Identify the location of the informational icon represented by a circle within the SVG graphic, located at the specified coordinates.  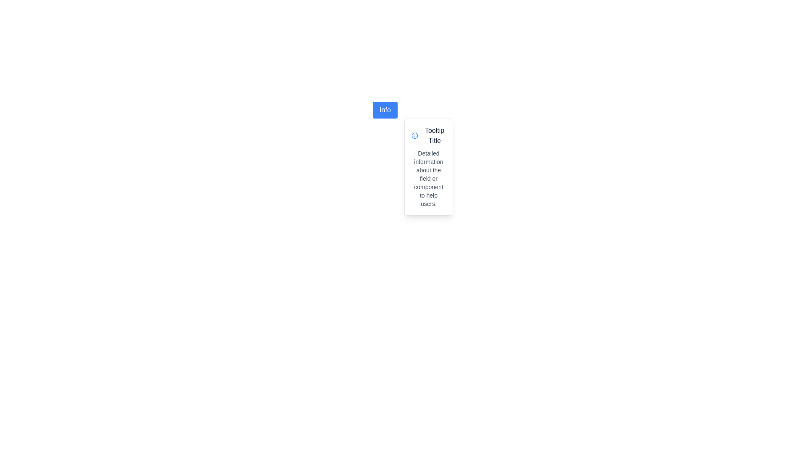
(414, 135).